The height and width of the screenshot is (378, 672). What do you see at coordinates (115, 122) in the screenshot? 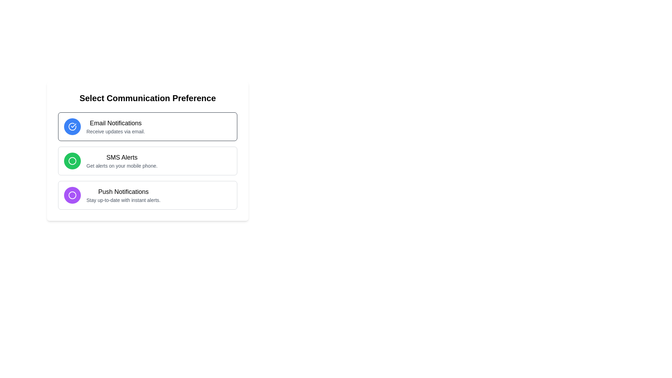
I see `the text label indicating email notifications, which is the title of the first communication preference option, positioned above the description 'Receive updates via email.'` at bounding box center [115, 122].